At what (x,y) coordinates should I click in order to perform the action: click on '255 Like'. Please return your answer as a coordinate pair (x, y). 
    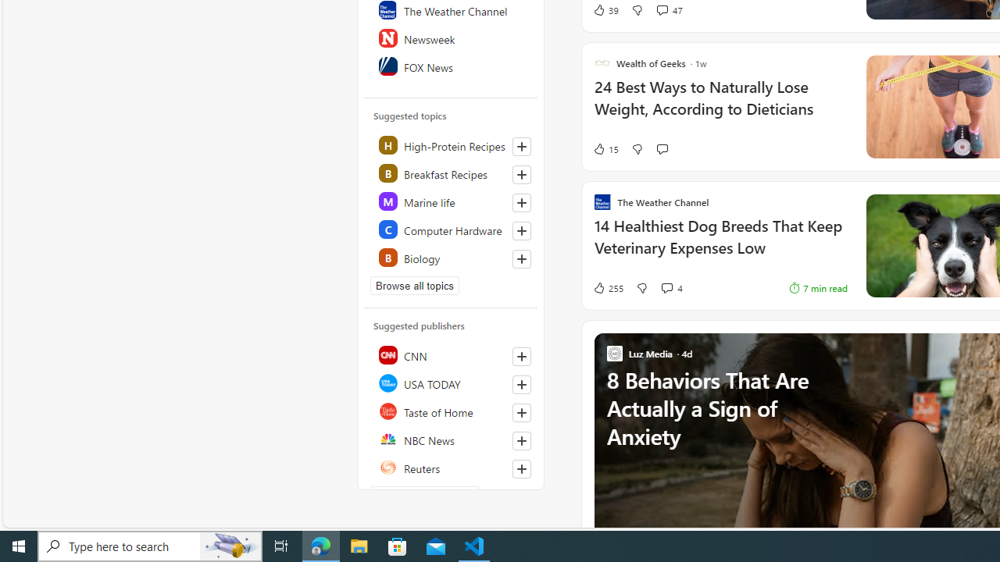
    Looking at the image, I should click on (607, 287).